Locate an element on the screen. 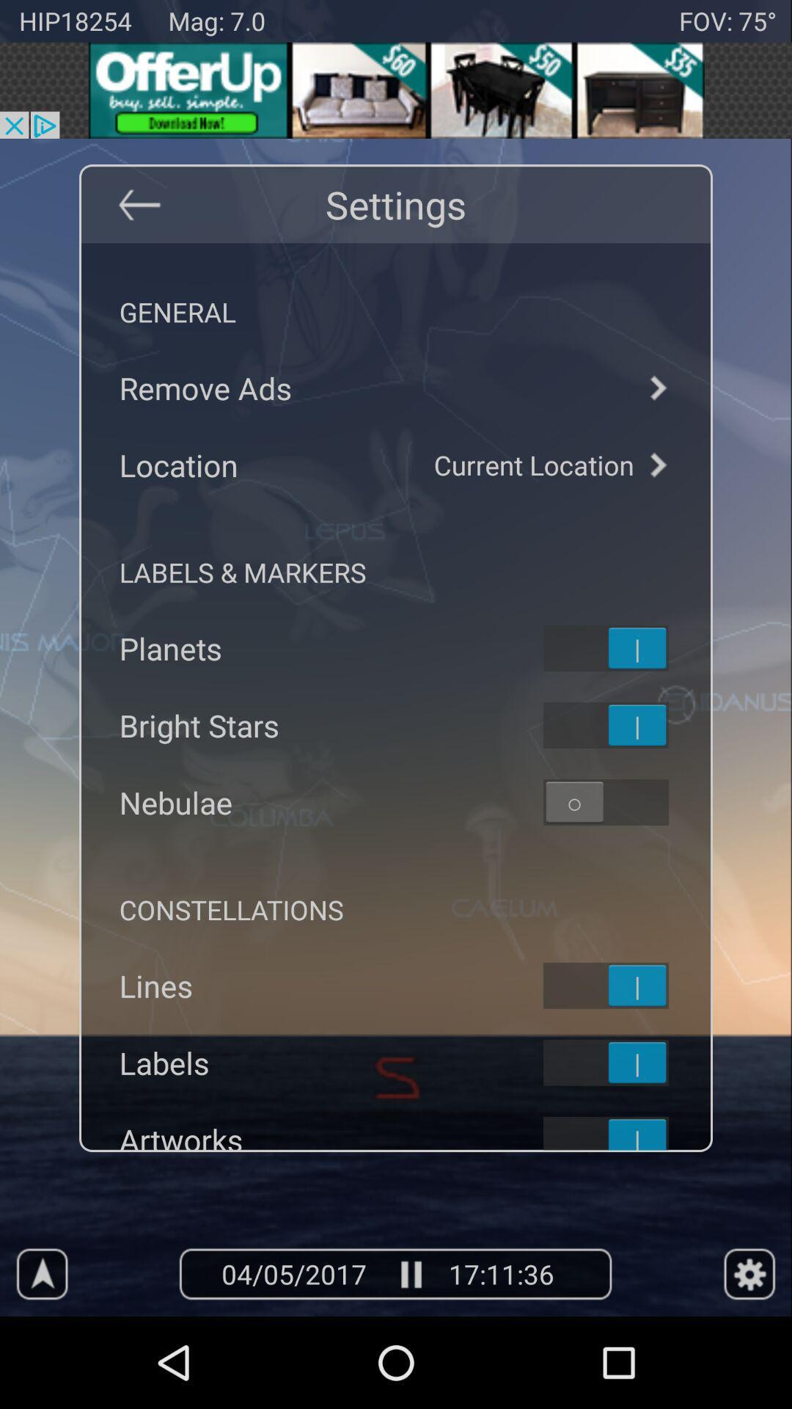 This screenshot has height=1409, width=792. go back is located at coordinates (139, 203).